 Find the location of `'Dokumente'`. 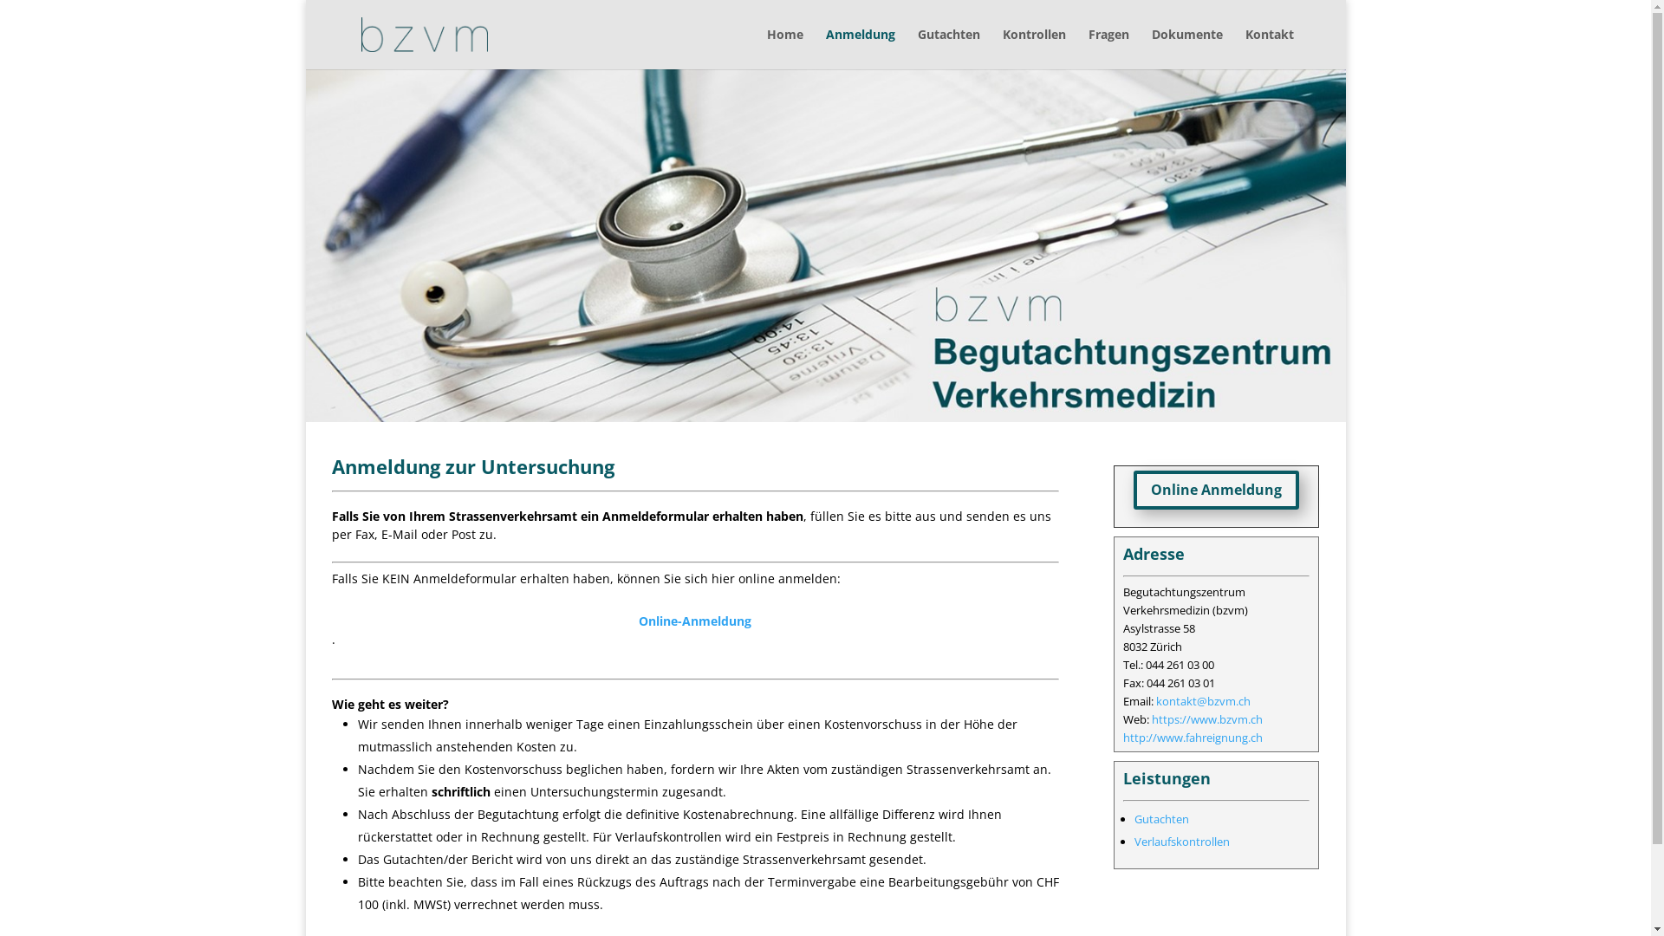

'Dokumente' is located at coordinates (1185, 48).